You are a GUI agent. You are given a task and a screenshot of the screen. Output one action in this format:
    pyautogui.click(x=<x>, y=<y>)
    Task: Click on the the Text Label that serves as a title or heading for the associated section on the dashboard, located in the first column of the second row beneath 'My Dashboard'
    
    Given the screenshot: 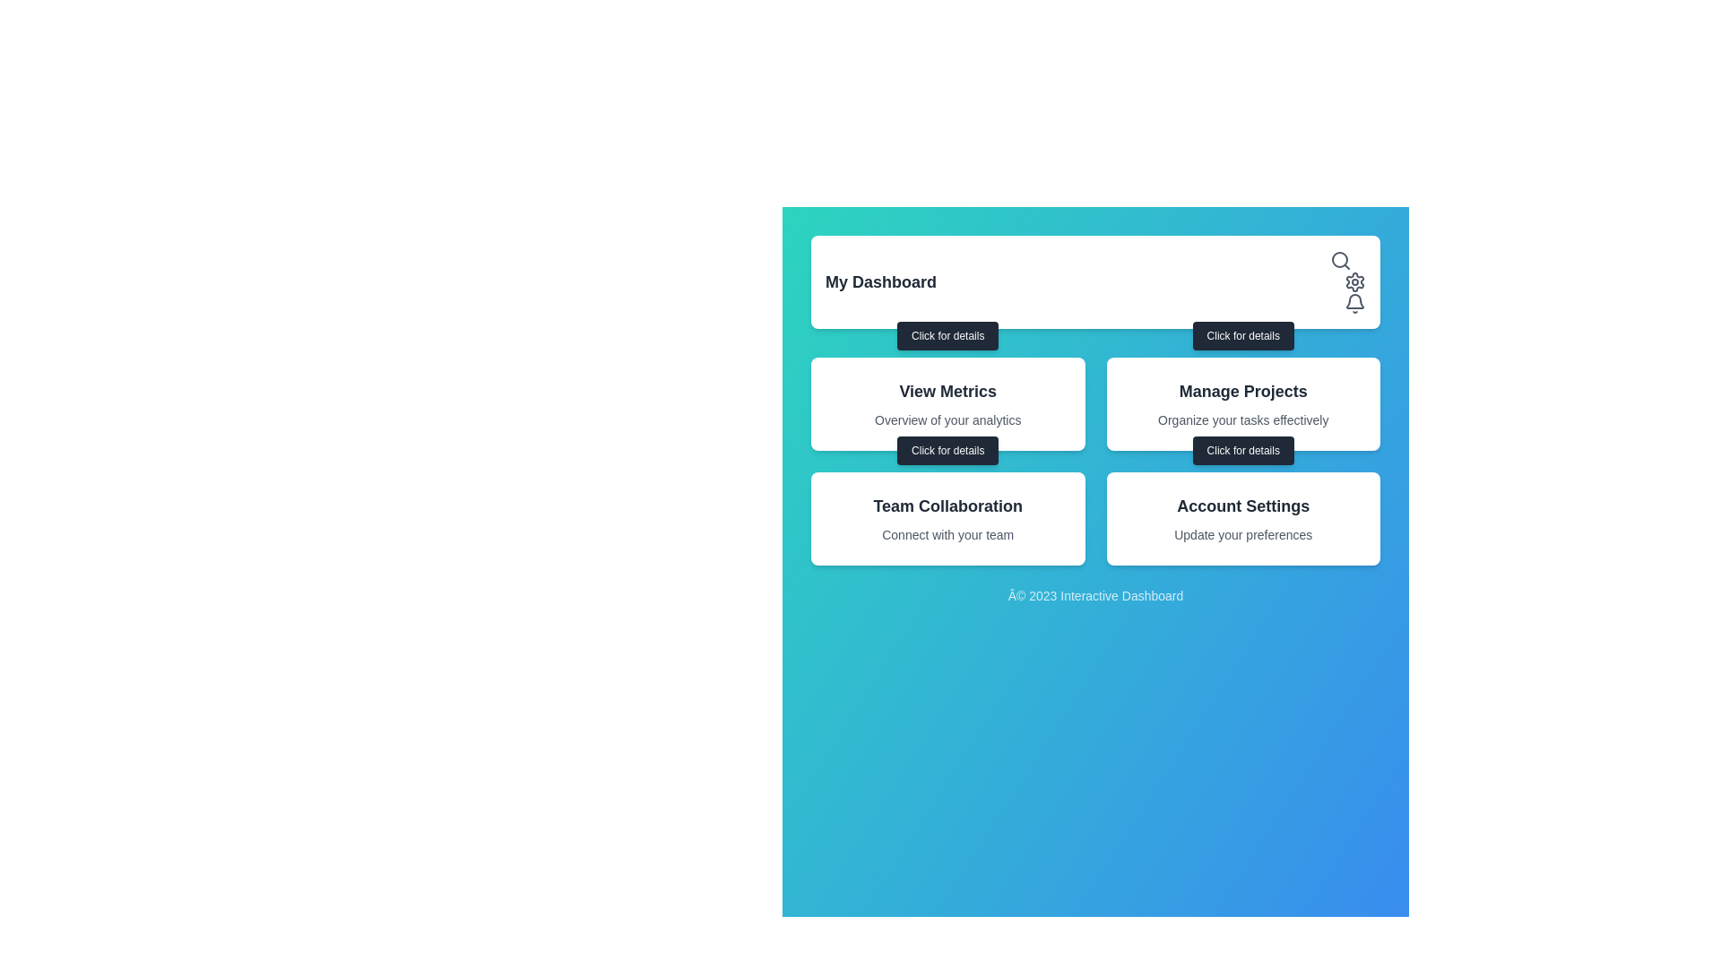 What is the action you would take?
    pyautogui.click(x=947, y=390)
    